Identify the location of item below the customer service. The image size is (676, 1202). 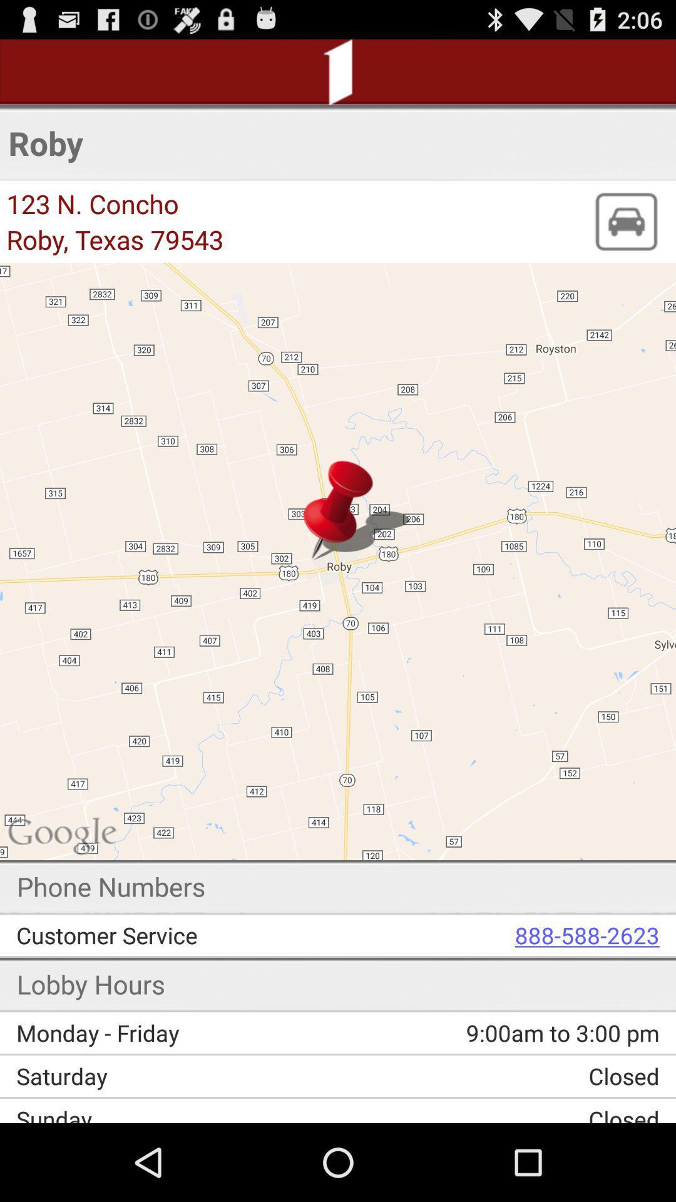
(490, 1033).